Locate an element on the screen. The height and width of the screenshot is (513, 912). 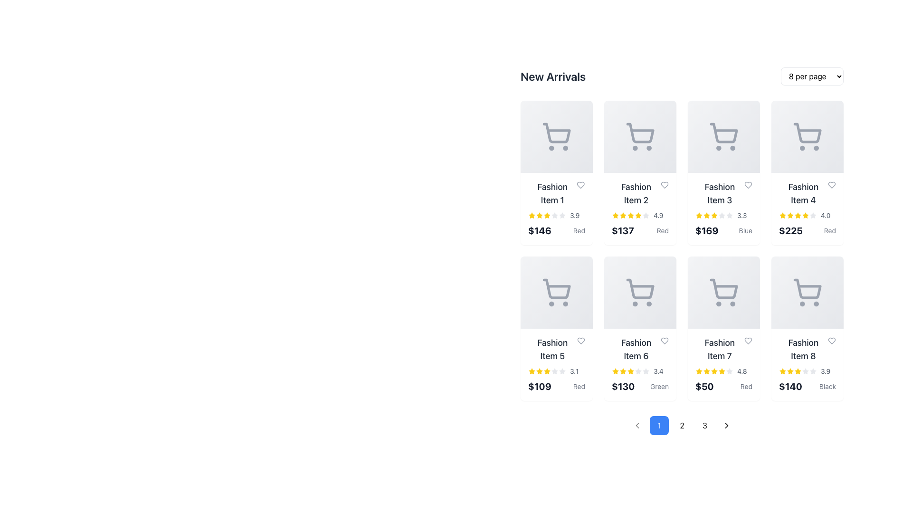
the star rating display of 'Fashion Item 3' is located at coordinates (723, 216).